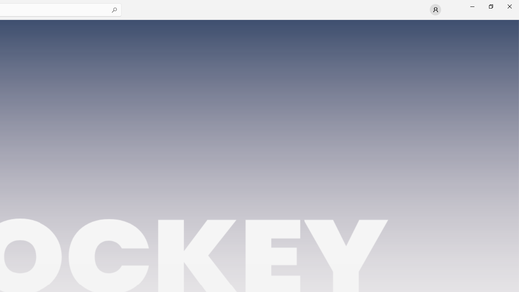  What do you see at coordinates (472, 6) in the screenshot?
I see `'Minimize Microsoft Store'` at bounding box center [472, 6].